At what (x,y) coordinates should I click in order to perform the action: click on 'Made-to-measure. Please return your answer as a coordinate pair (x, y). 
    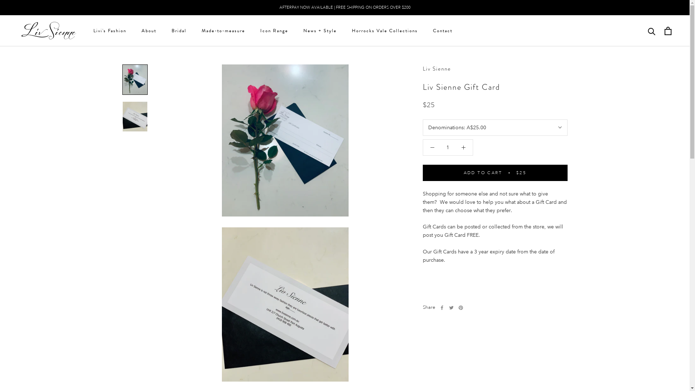
    Looking at the image, I should click on (223, 30).